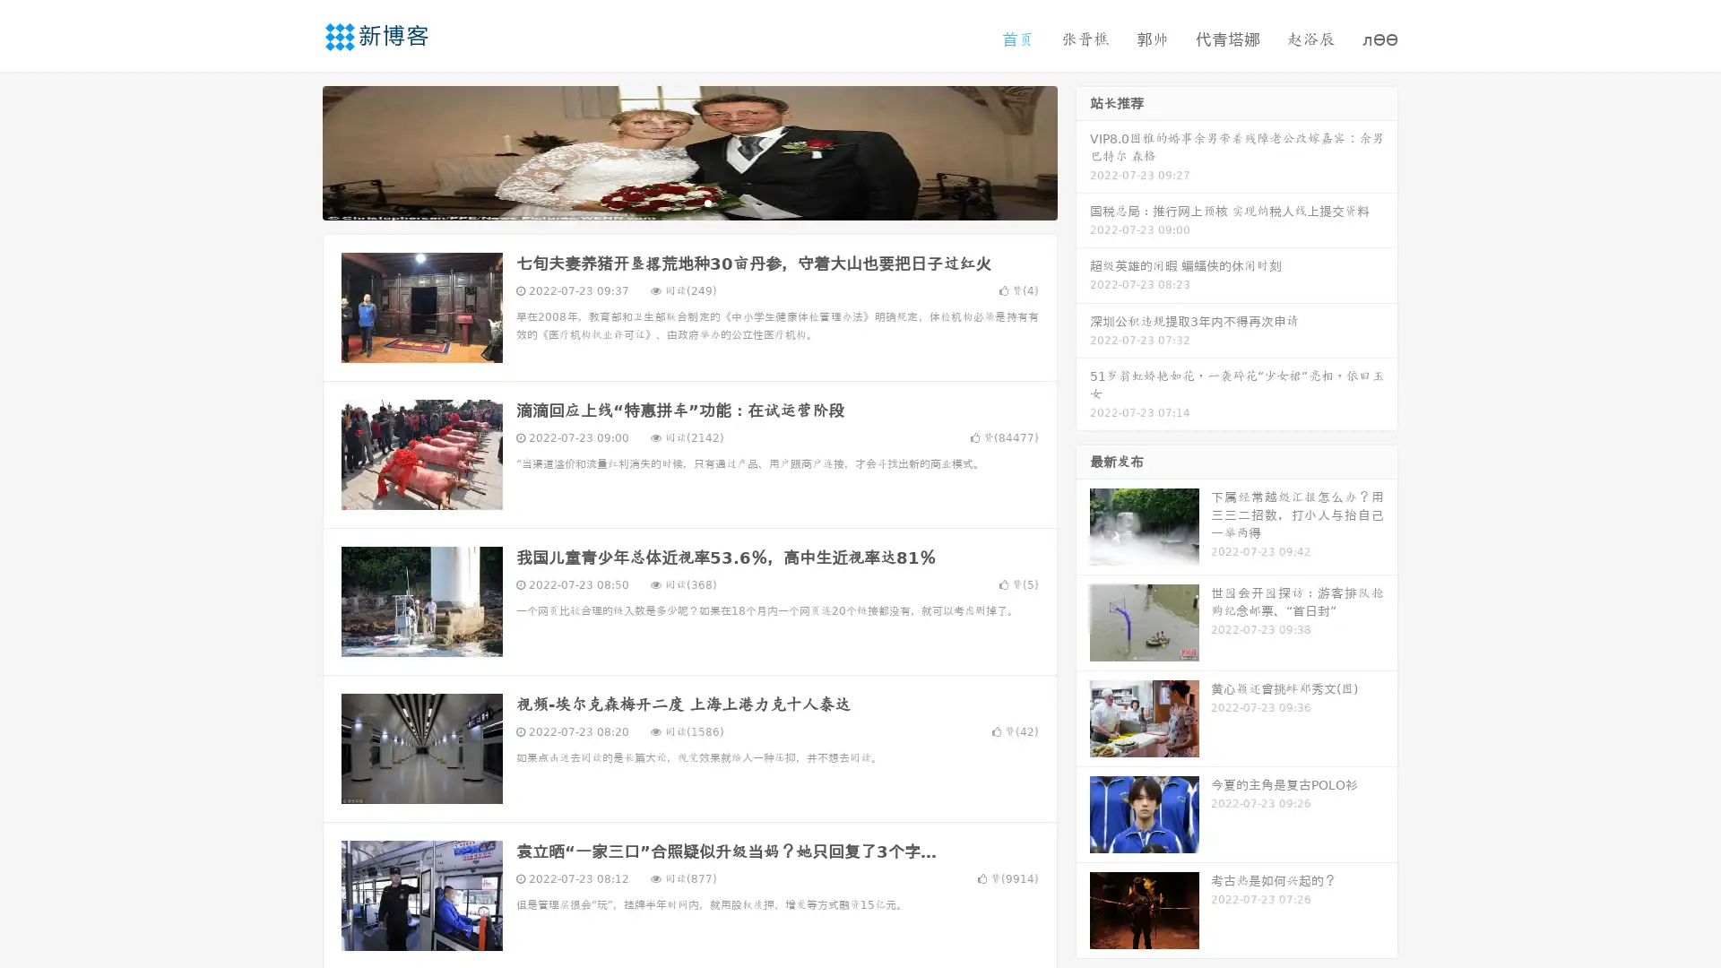  I want to click on Go to slide 1, so click(670, 202).